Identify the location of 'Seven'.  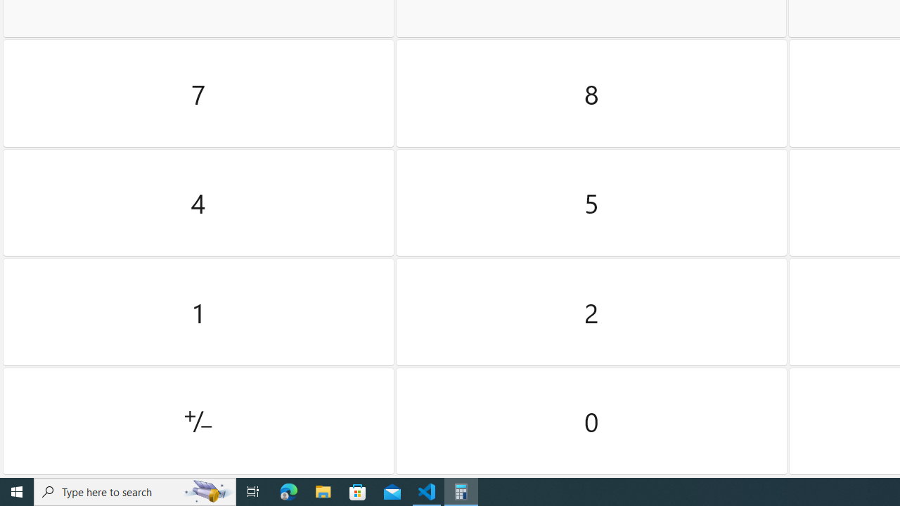
(198, 93).